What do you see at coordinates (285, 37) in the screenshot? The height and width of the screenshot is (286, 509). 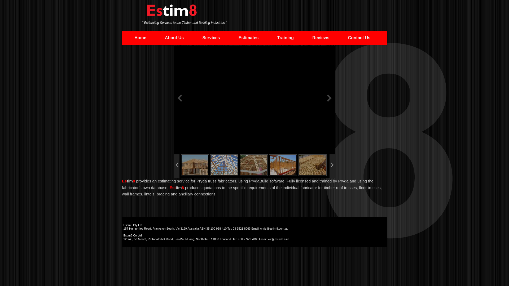 I see `'Training'` at bounding box center [285, 37].